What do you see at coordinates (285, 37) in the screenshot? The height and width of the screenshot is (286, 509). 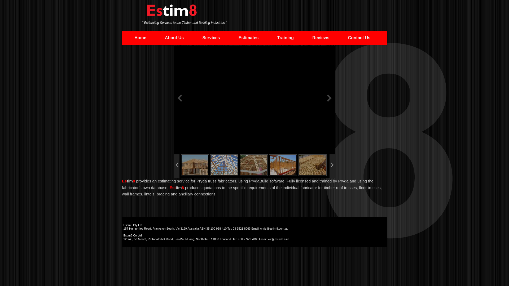 I see `'Training'` at bounding box center [285, 37].